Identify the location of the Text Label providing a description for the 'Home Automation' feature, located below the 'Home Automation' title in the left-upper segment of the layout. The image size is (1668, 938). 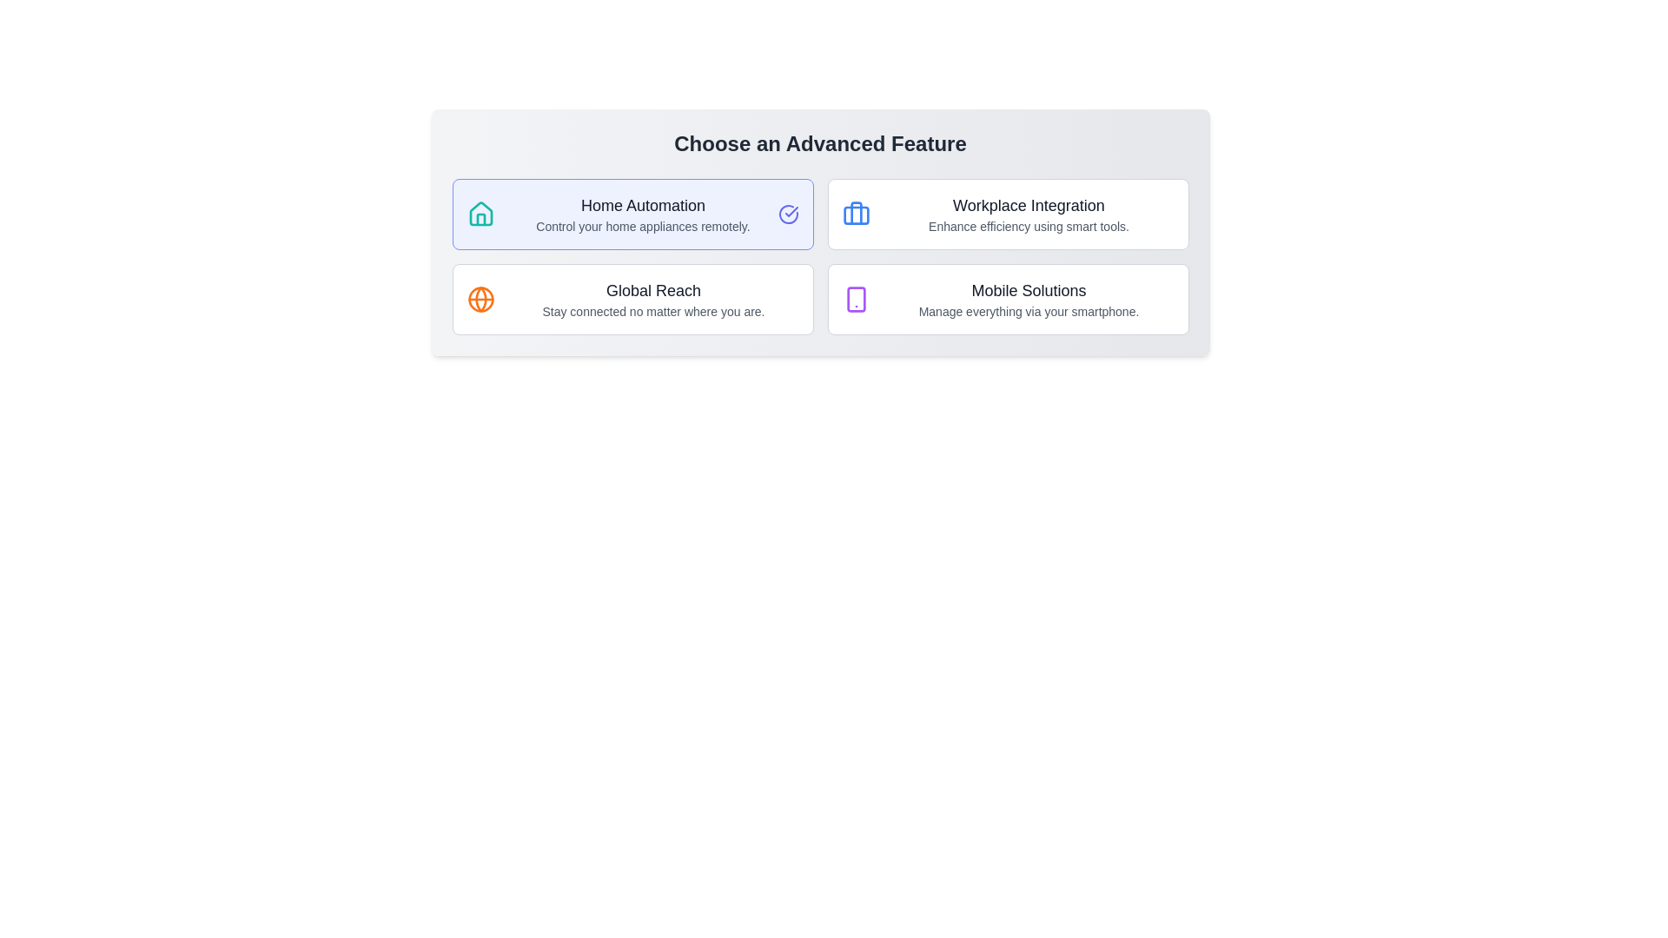
(642, 226).